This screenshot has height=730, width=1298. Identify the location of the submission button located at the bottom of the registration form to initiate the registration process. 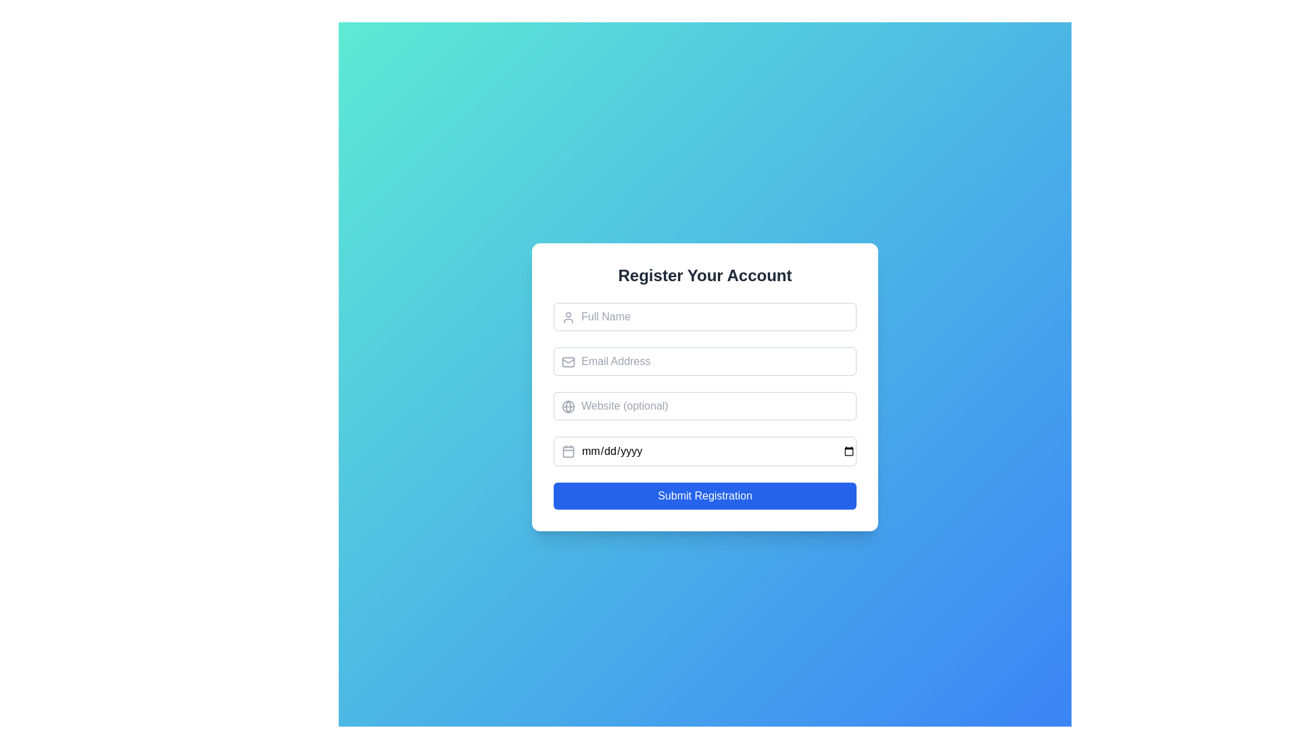
(704, 495).